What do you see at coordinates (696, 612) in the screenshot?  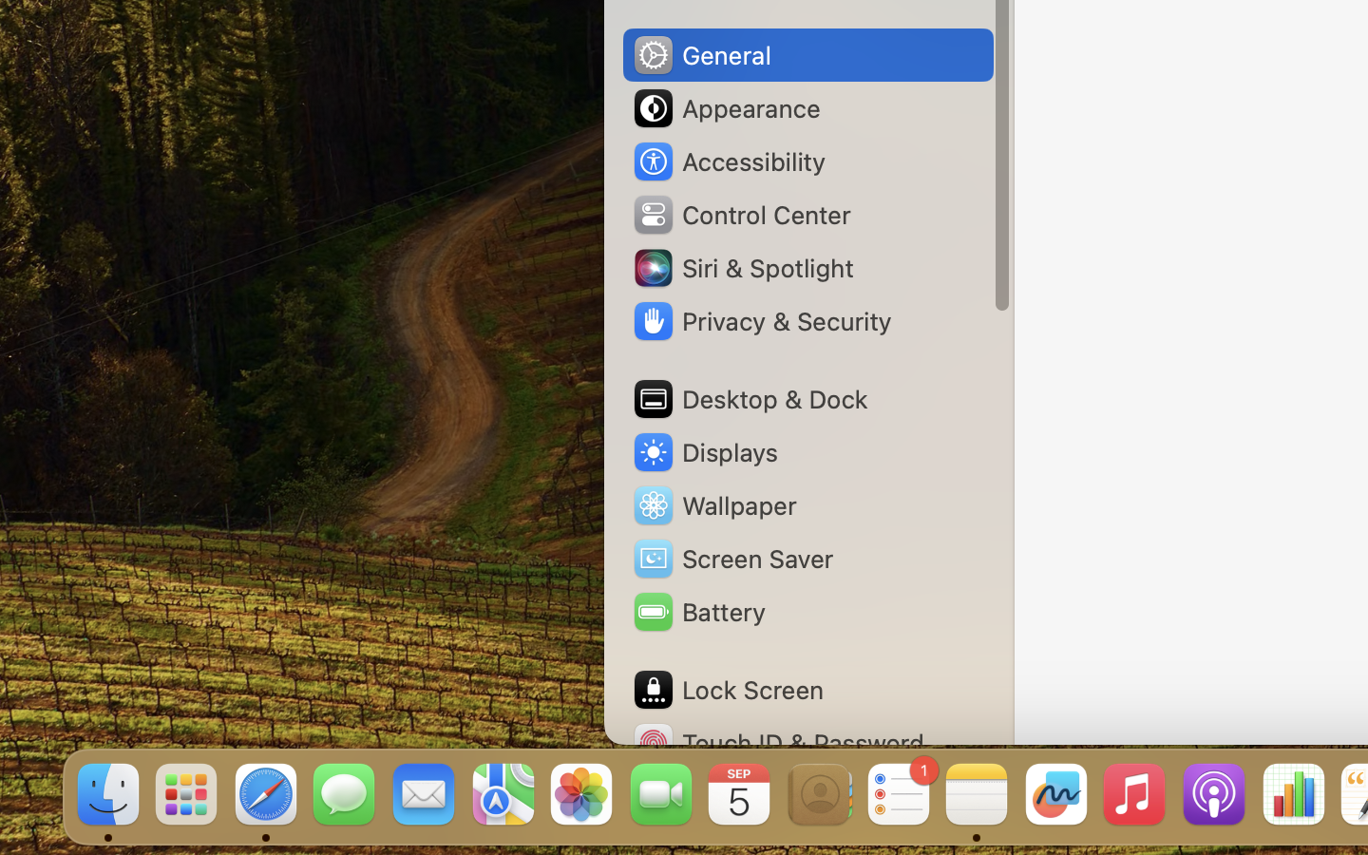 I see `'Battery'` at bounding box center [696, 612].